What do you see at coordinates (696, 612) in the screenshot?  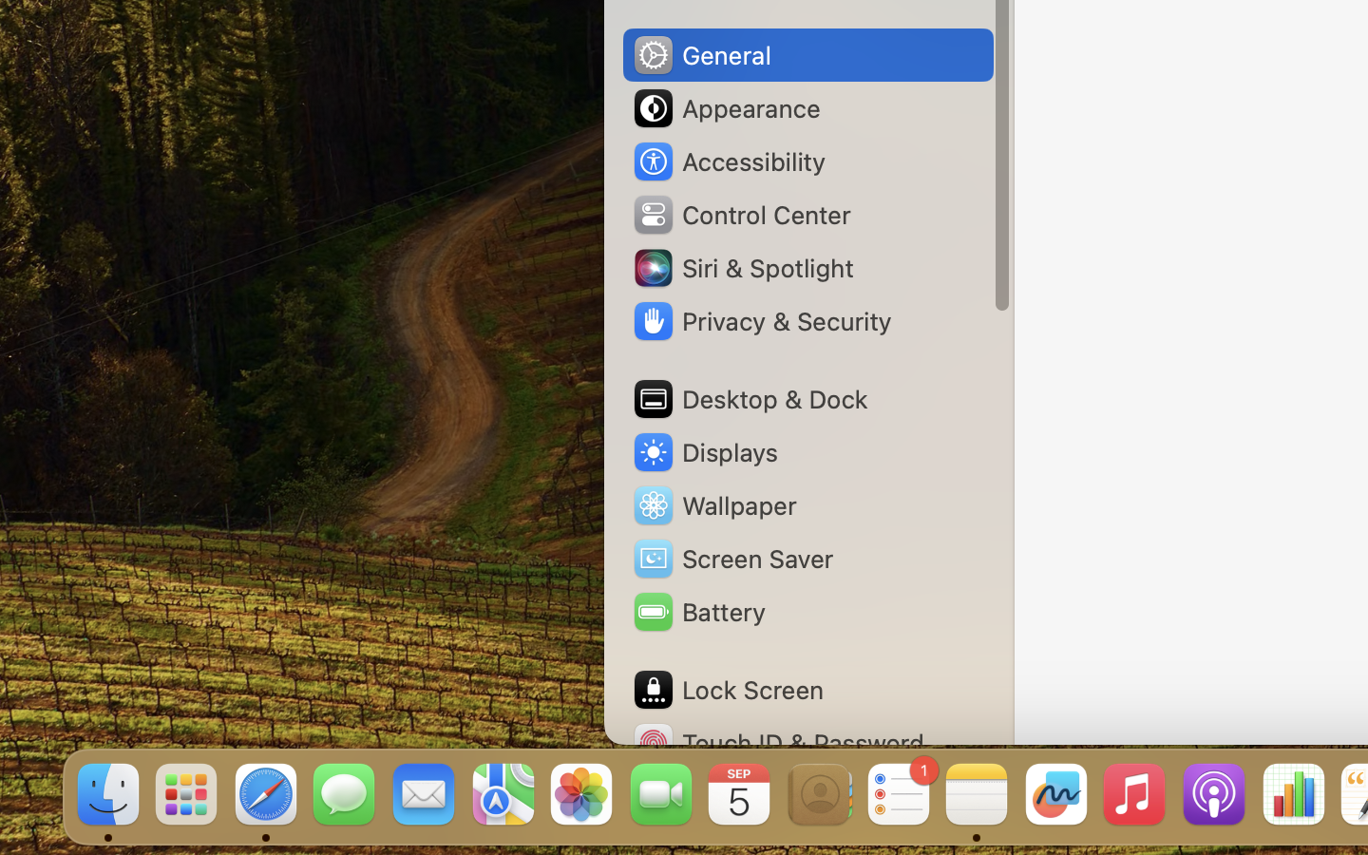 I see `'Battery'` at bounding box center [696, 612].